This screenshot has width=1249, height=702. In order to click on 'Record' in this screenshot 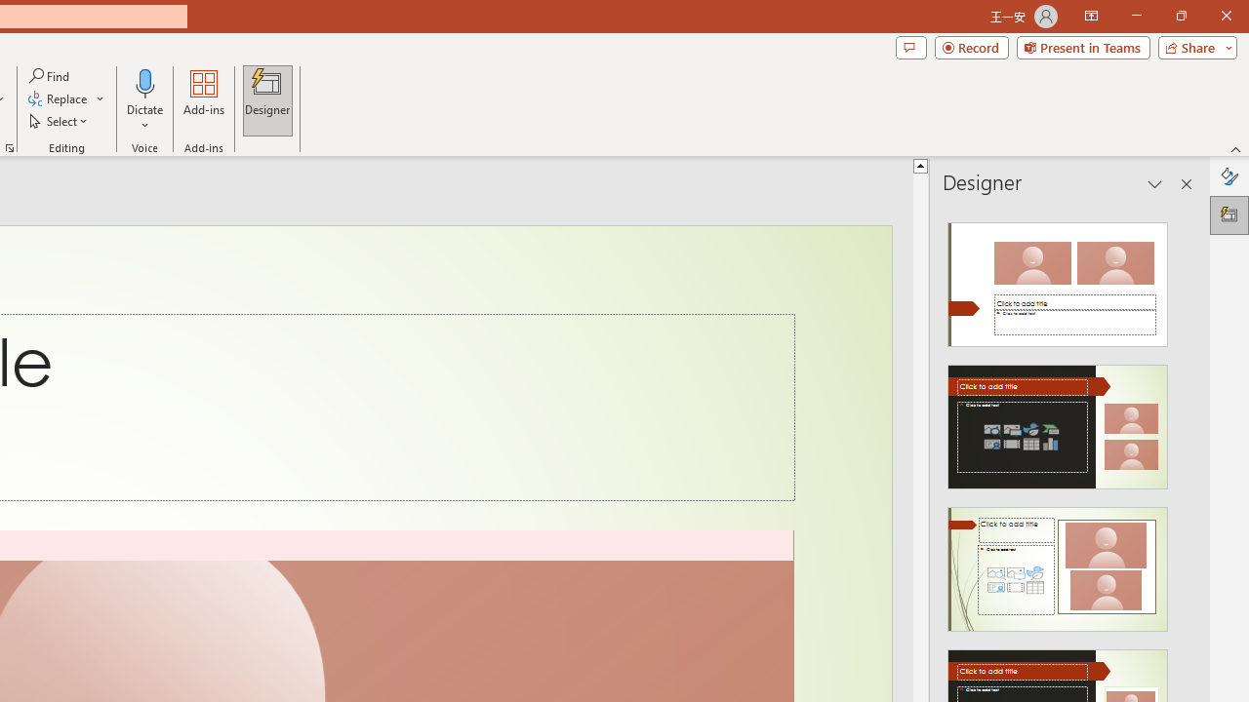, I will do `click(971, 46)`.